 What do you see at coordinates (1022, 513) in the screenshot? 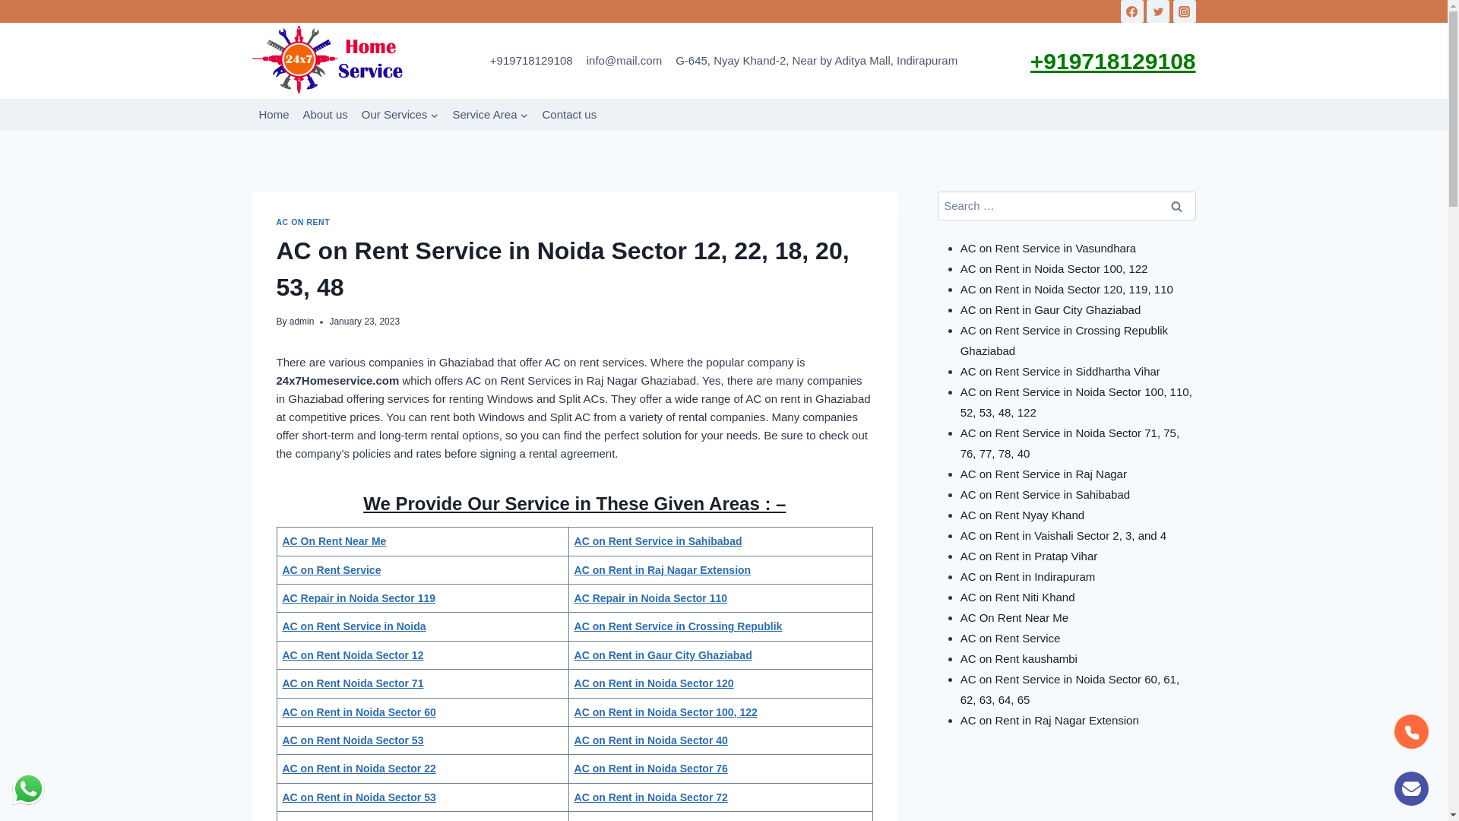
I see `'AC on Rent Nyay Khand'` at bounding box center [1022, 513].